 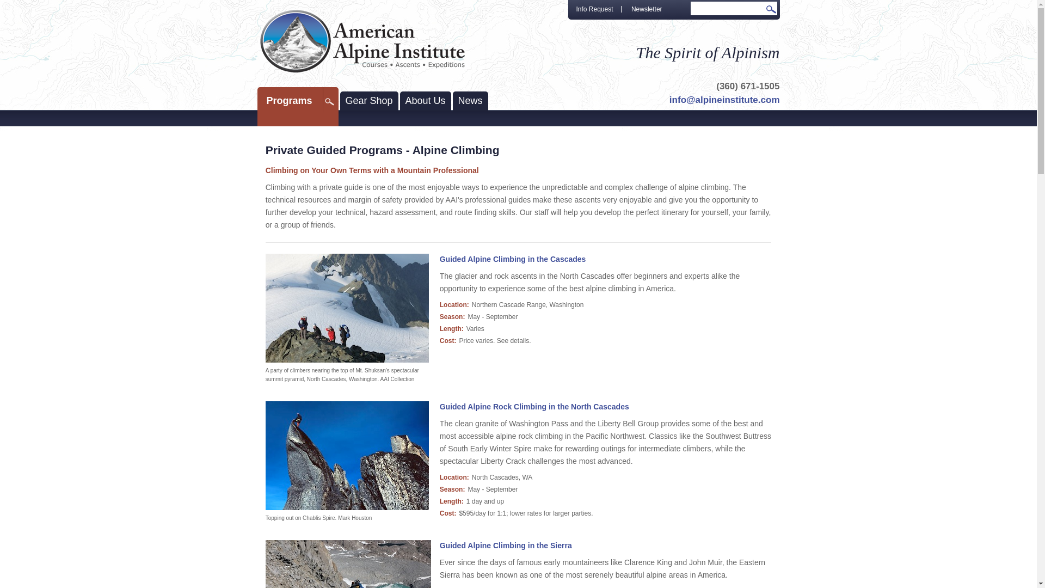 I want to click on 'American Alpine Institute - Courses, Ascents, Expeditions', so click(x=256, y=40).